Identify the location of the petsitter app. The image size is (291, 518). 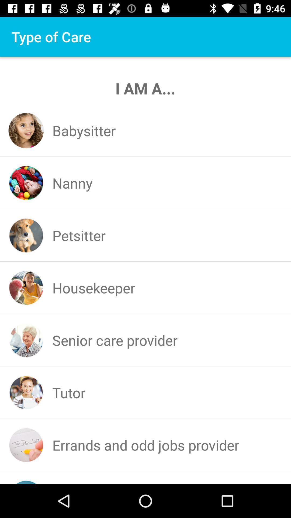
(79, 235).